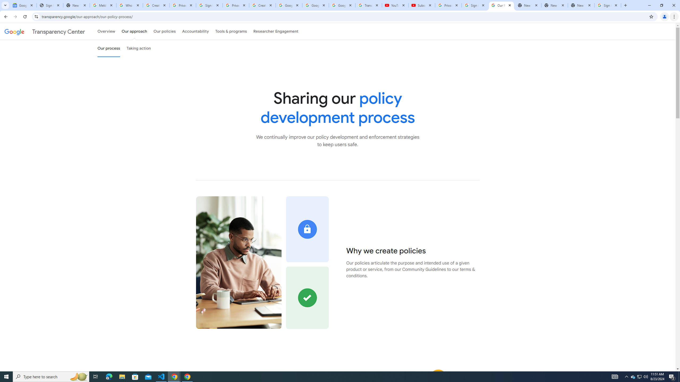  Describe the element at coordinates (138, 48) in the screenshot. I see `'Taking action'` at that location.